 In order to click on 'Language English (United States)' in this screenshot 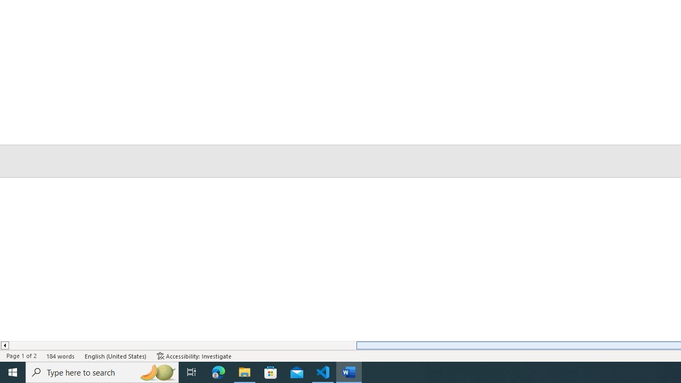, I will do `click(116, 356)`.